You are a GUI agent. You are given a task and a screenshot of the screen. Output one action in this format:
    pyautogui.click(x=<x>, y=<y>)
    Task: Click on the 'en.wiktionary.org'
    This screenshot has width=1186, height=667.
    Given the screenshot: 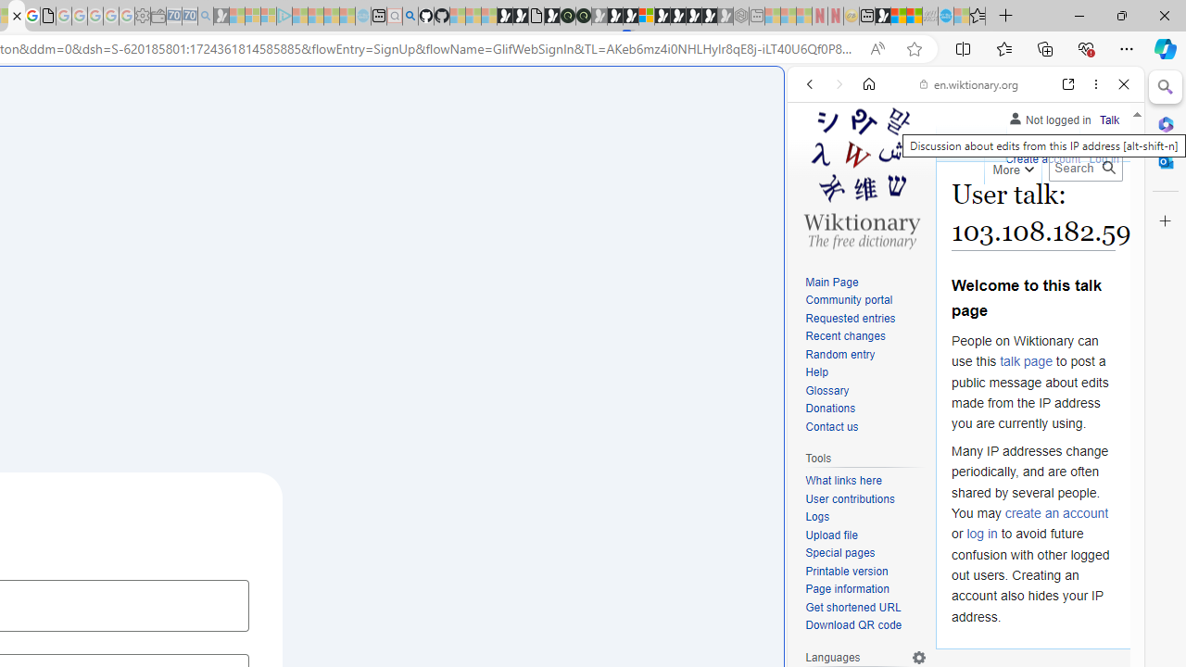 What is the action you would take?
    pyautogui.click(x=968, y=84)
    